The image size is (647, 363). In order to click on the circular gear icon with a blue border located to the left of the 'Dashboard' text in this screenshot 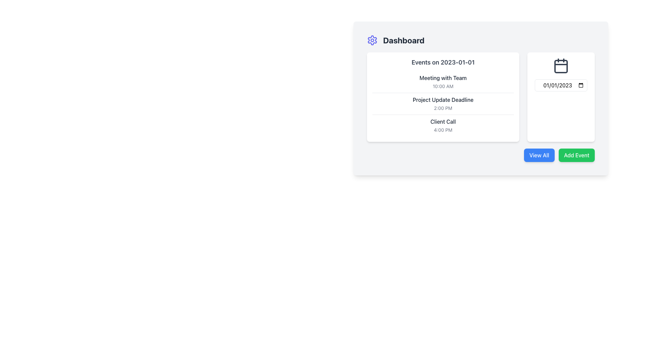, I will do `click(372, 40)`.